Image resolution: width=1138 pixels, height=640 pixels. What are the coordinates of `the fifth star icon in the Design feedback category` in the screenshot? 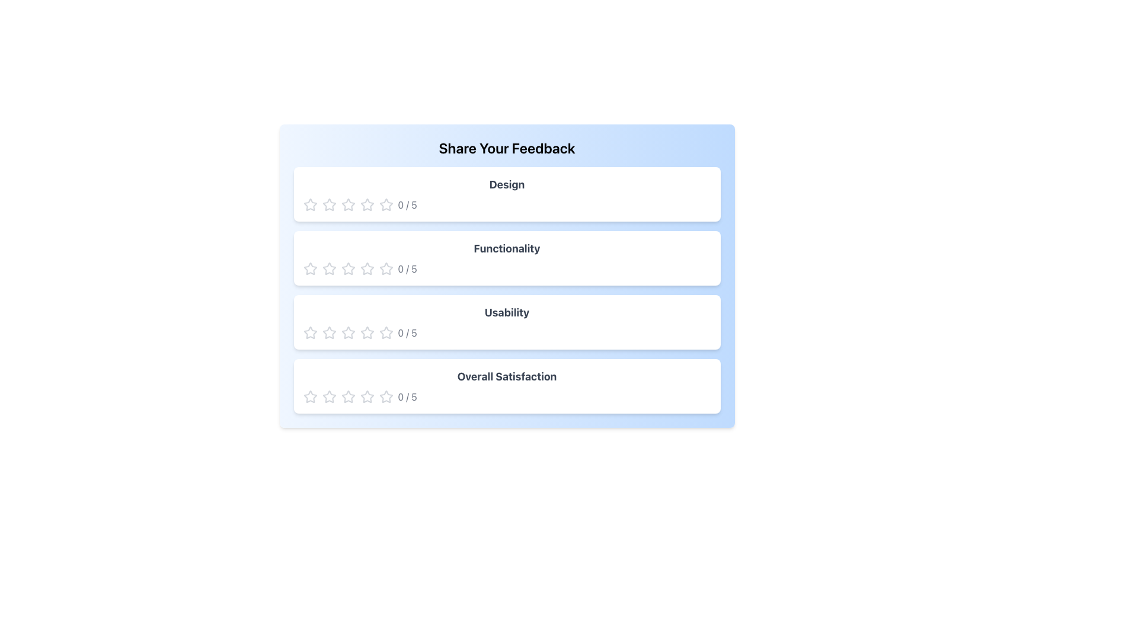 It's located at (386, 204).